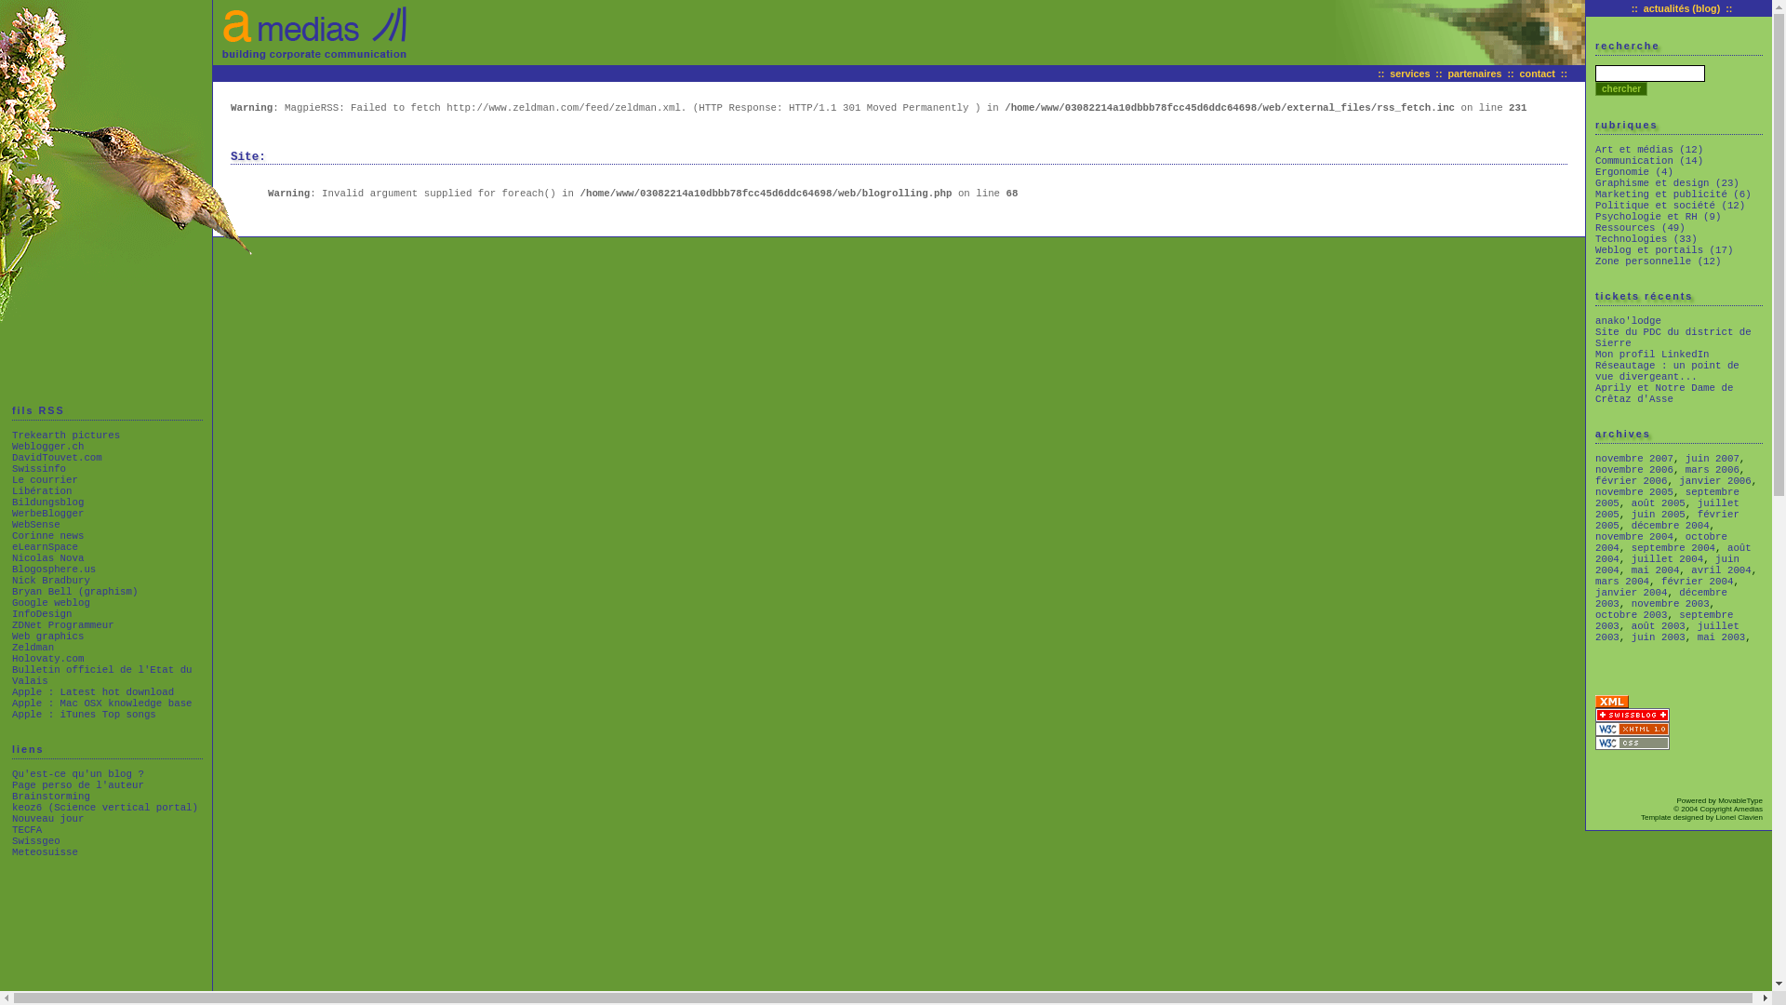 The width and height of the screenshot is (1786, 1005). Describe the element at coordinates (1667, 509) in the screenshot. I see `'juillet 2005'` at that location.